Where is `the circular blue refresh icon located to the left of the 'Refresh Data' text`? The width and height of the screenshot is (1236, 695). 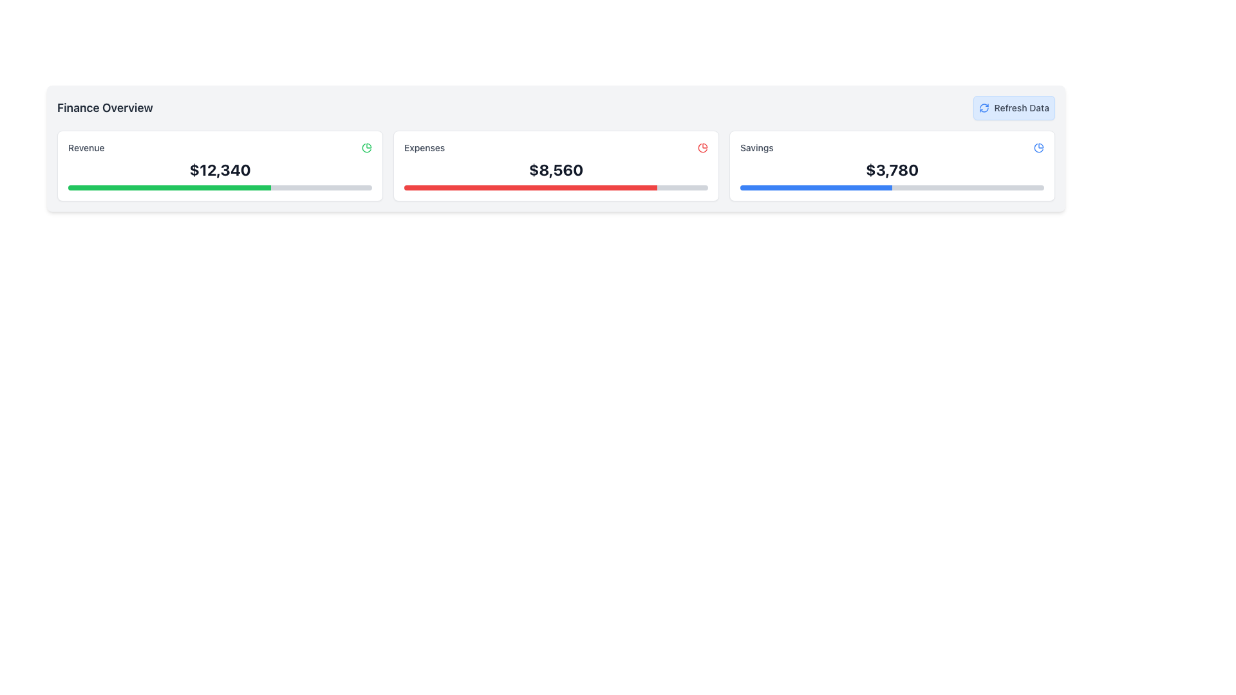 the circular blue refresh icon located to the left of the 'Refresh Data' text is located at coordinates (983, 107).